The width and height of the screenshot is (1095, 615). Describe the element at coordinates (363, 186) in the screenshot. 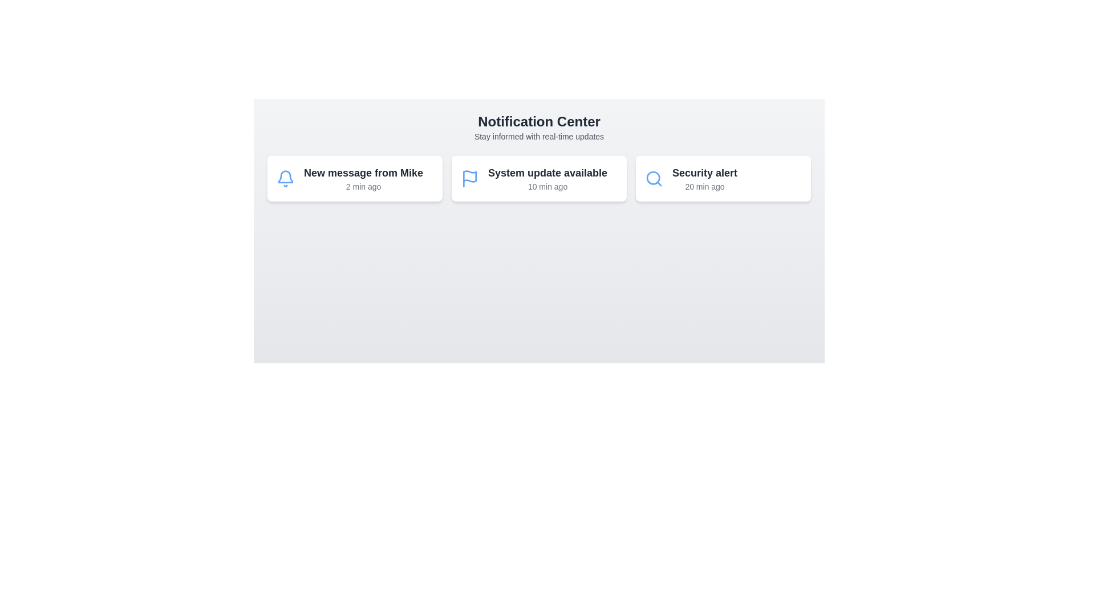

I see `the timestamp displayed in the text label located below 'New message from Mike' in the first notification card` at that location.